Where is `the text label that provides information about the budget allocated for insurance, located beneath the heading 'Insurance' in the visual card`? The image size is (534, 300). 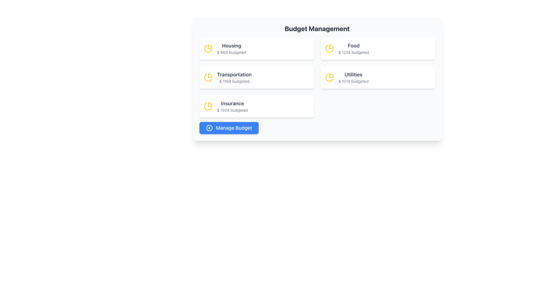
the text label that provides information about the budget allocated for insurance, located beneath the heading 'Insurance' in the visual card is located at coordinates (232, 110).